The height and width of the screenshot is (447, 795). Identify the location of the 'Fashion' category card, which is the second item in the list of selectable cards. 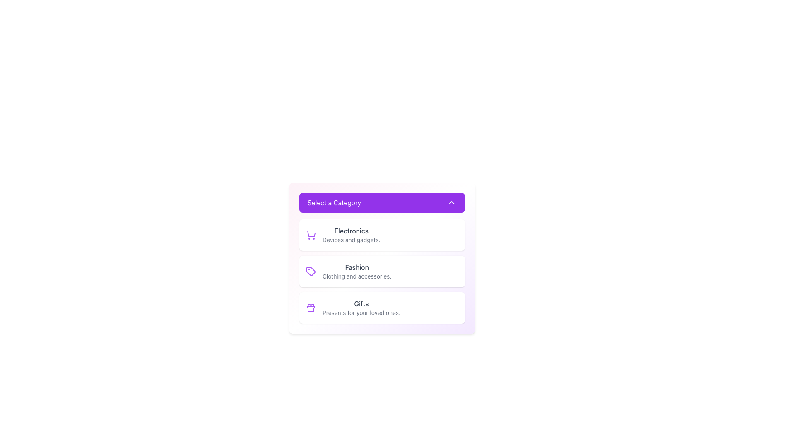
(357, 271).